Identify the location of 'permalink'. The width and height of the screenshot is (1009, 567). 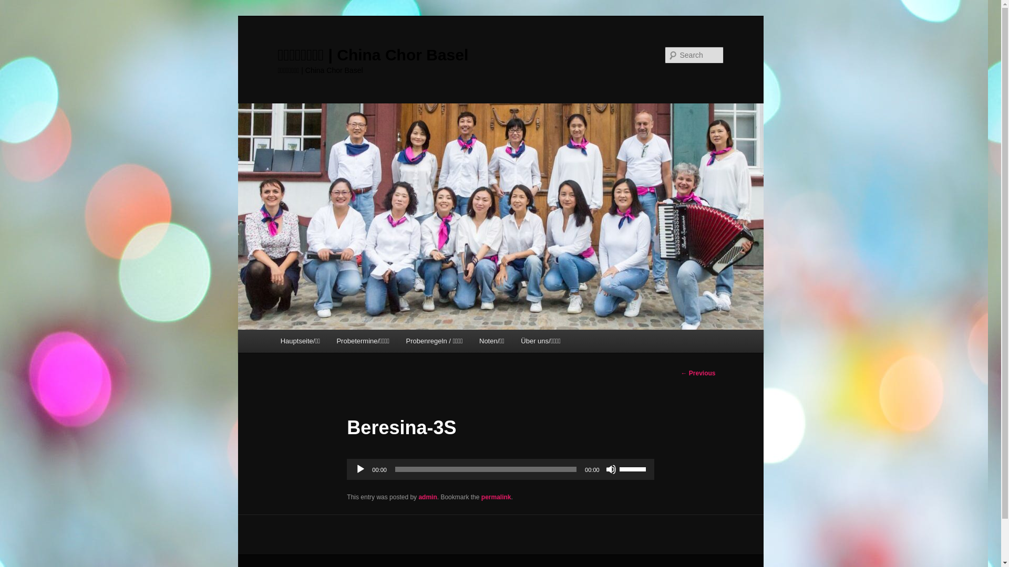
(496, 497).